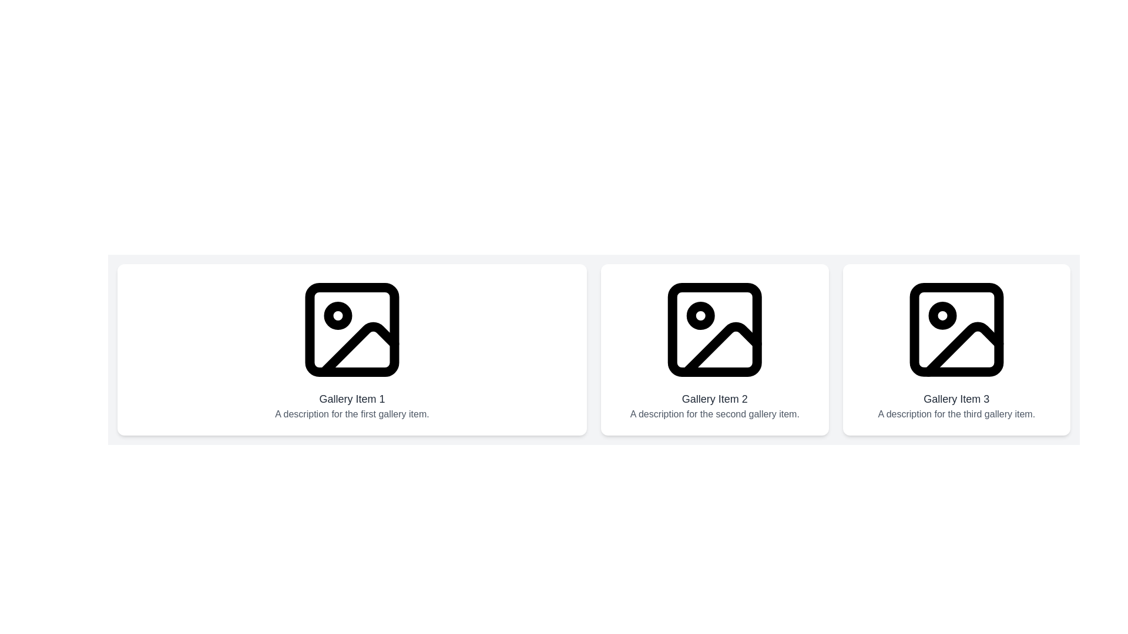 This screenshot has height=634, width=1128. What do you see at coordinates (351, 349) in the screenshot?
I see `the first Static Information Card in the gallery layout, located at the top-left area, which provides a visual and textual preview of the specific item` at bounding box center [351, 349].